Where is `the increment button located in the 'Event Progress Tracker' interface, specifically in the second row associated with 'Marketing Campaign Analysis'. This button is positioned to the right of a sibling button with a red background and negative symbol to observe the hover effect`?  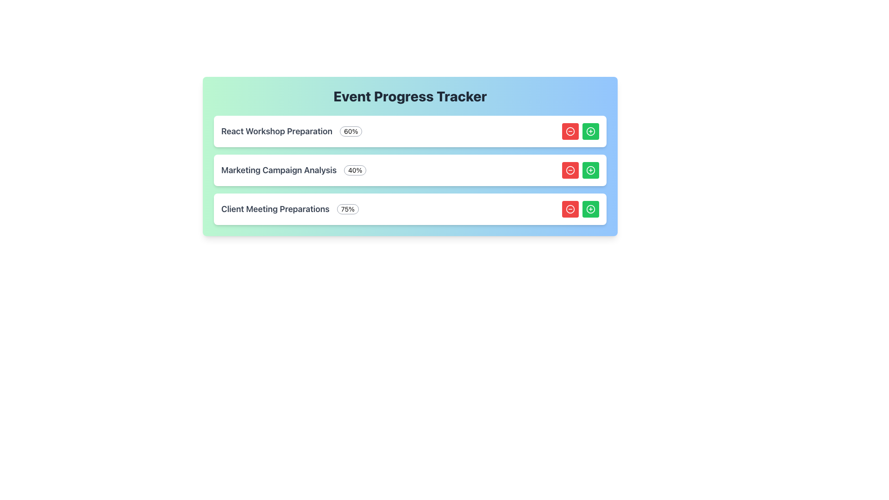
the increment button located in the 'Event Progress Tracker' interface, specifically in the second row associated with 'Marketing Campaign Analysis'. This button is positioned to the right of a sibling button with a red background and negative symbol to observe the hover effect is located at coordinates (590, 170).